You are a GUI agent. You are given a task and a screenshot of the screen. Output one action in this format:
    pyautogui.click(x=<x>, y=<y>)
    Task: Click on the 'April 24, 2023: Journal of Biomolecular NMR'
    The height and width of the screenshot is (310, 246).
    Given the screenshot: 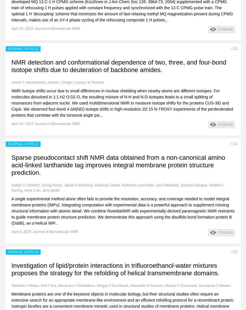 What is the action you would take?
    pyautogui.click(x=11, y=124)
    